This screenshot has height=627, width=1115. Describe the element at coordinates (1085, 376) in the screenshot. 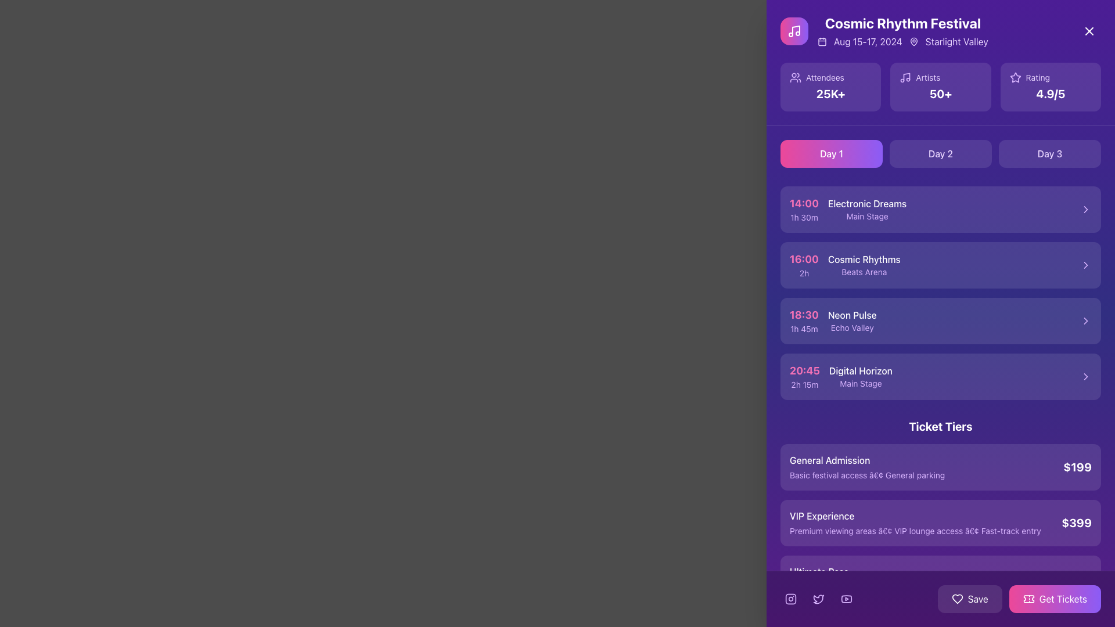

I see `the rightward-pointing chevron arrow icon with a purple outline, located to the right of the 'Digital Horizon' list entry in the events section` at that location.